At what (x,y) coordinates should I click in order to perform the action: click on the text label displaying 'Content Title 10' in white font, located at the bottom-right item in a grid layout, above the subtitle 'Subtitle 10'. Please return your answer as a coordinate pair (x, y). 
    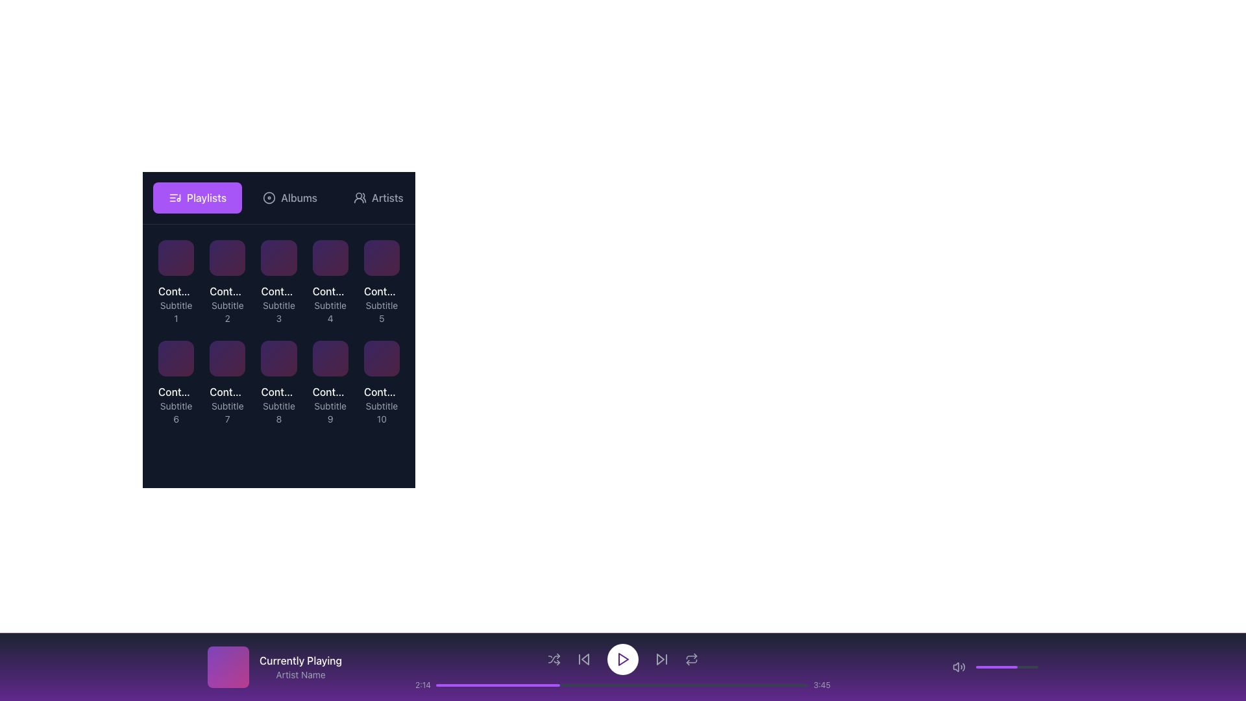
    Looking at the image, I should click on (381, 391).